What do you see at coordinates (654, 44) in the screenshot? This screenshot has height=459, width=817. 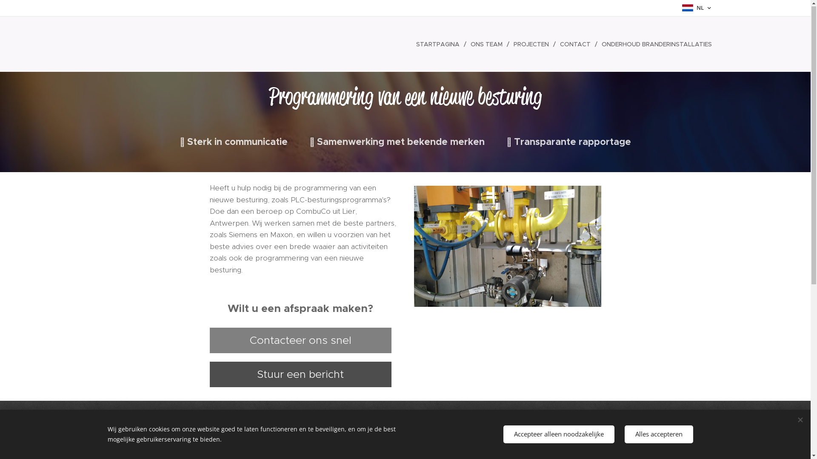 I see `'ONDERHOUD BRANDERINSTALLATIES'` at bounding box center [654, 44].